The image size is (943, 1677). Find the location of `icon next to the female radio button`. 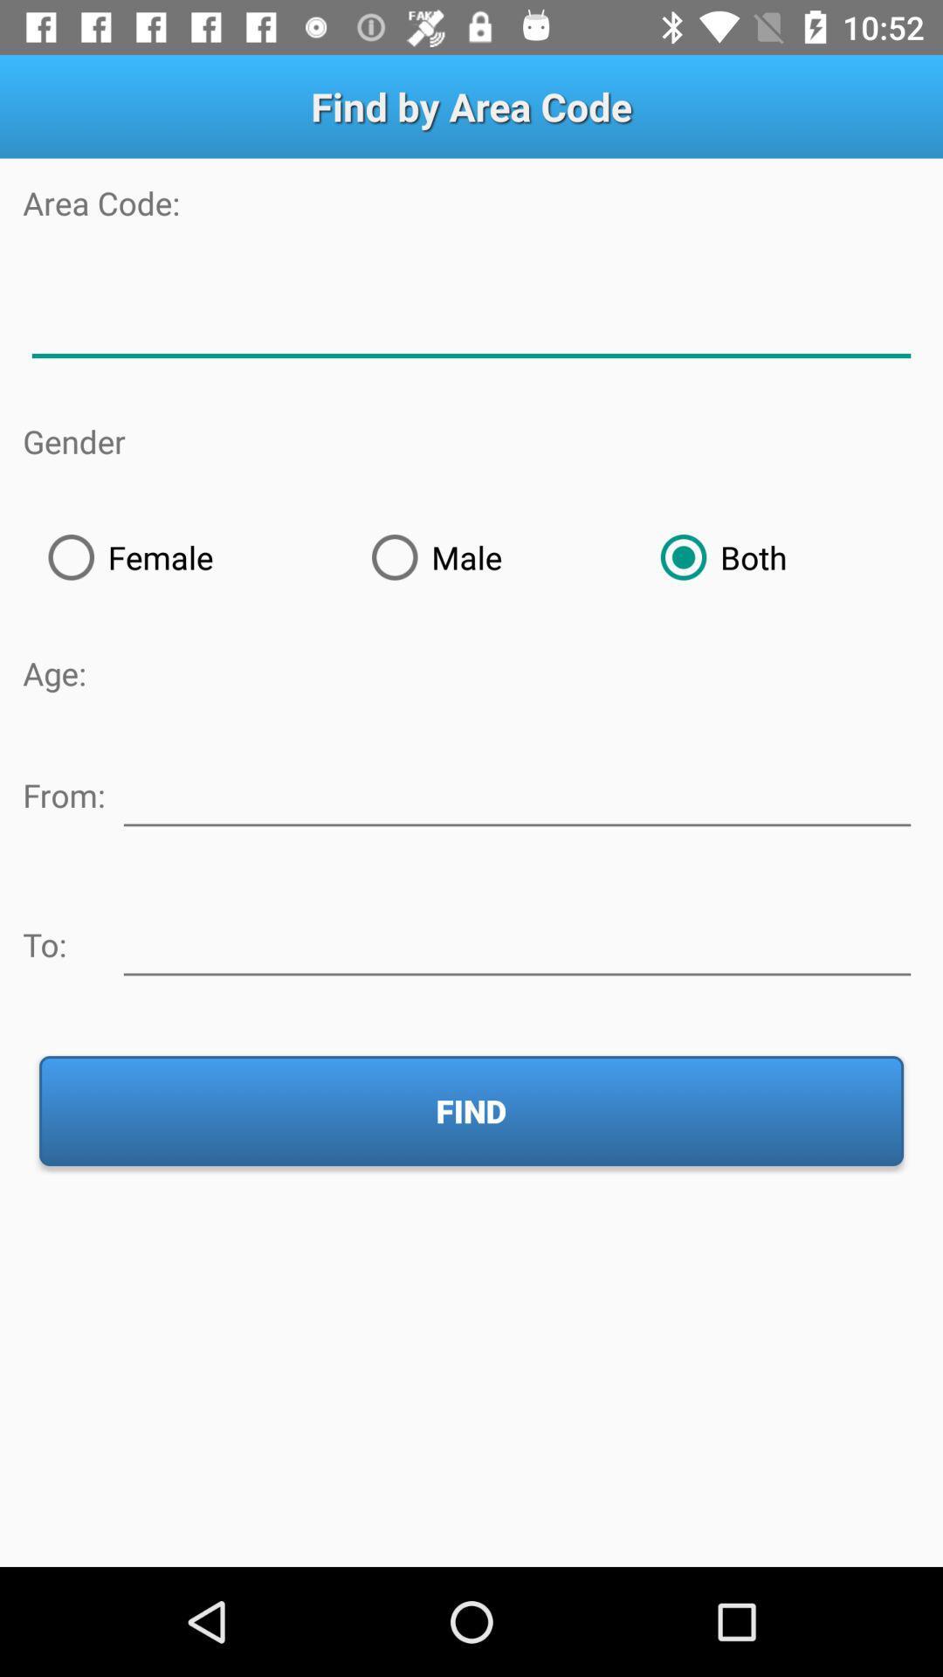

icon next to the female radio button is located at coordinates (491, 556).